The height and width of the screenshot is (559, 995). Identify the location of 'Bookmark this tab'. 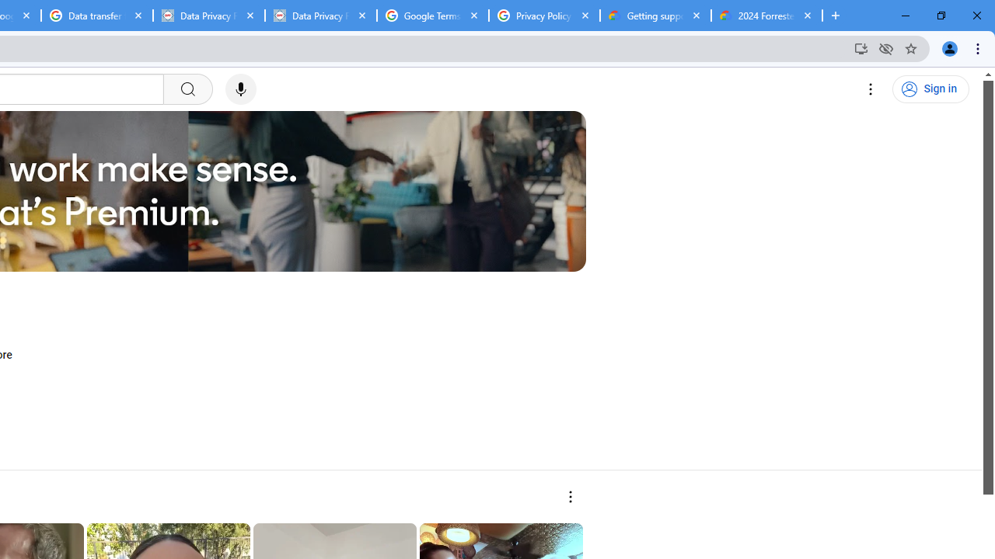
(910, 47).